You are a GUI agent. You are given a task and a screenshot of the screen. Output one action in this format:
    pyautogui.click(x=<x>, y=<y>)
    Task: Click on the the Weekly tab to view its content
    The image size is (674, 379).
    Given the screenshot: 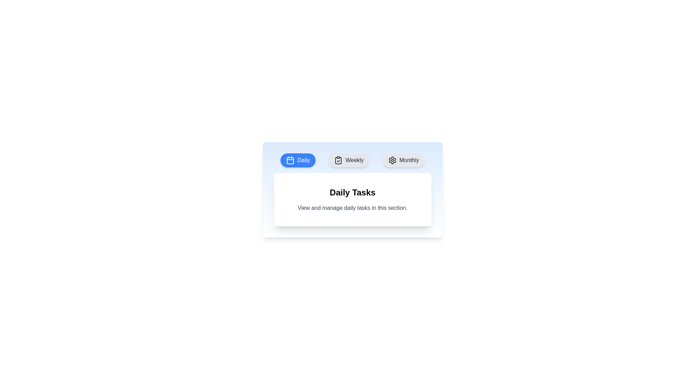 What is the action you would take?
    pyautogui.click(x=349, y=160)
    